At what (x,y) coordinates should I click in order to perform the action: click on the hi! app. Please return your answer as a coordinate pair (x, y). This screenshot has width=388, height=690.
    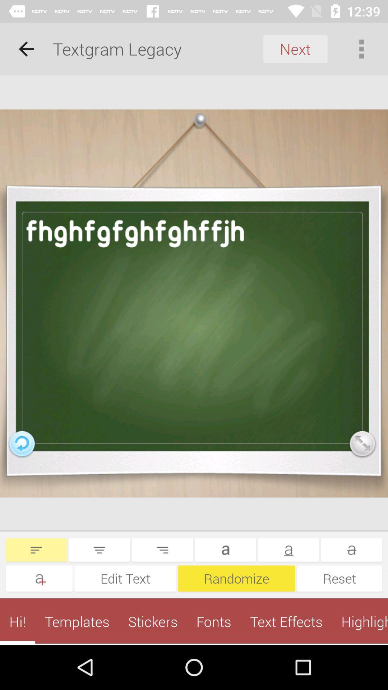
    Looking at the image, I should click on (17, 621).